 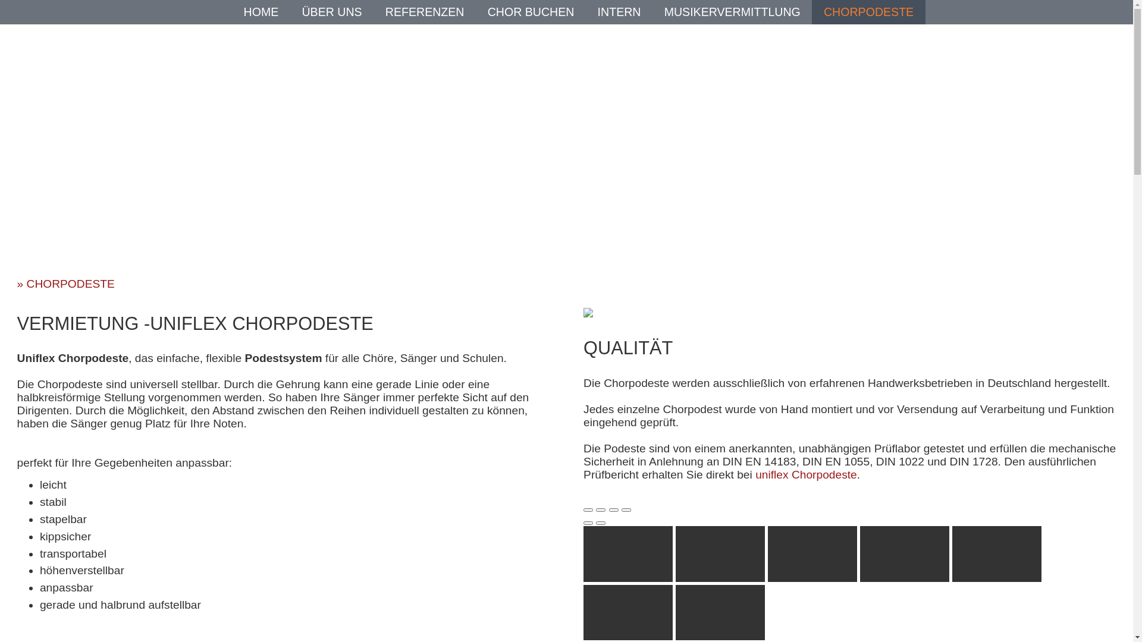 What do you see at coordinates (806, 474) in the screenshot?
I see `'uniflex Chorpodeste'` at bounding box center [806, 474].